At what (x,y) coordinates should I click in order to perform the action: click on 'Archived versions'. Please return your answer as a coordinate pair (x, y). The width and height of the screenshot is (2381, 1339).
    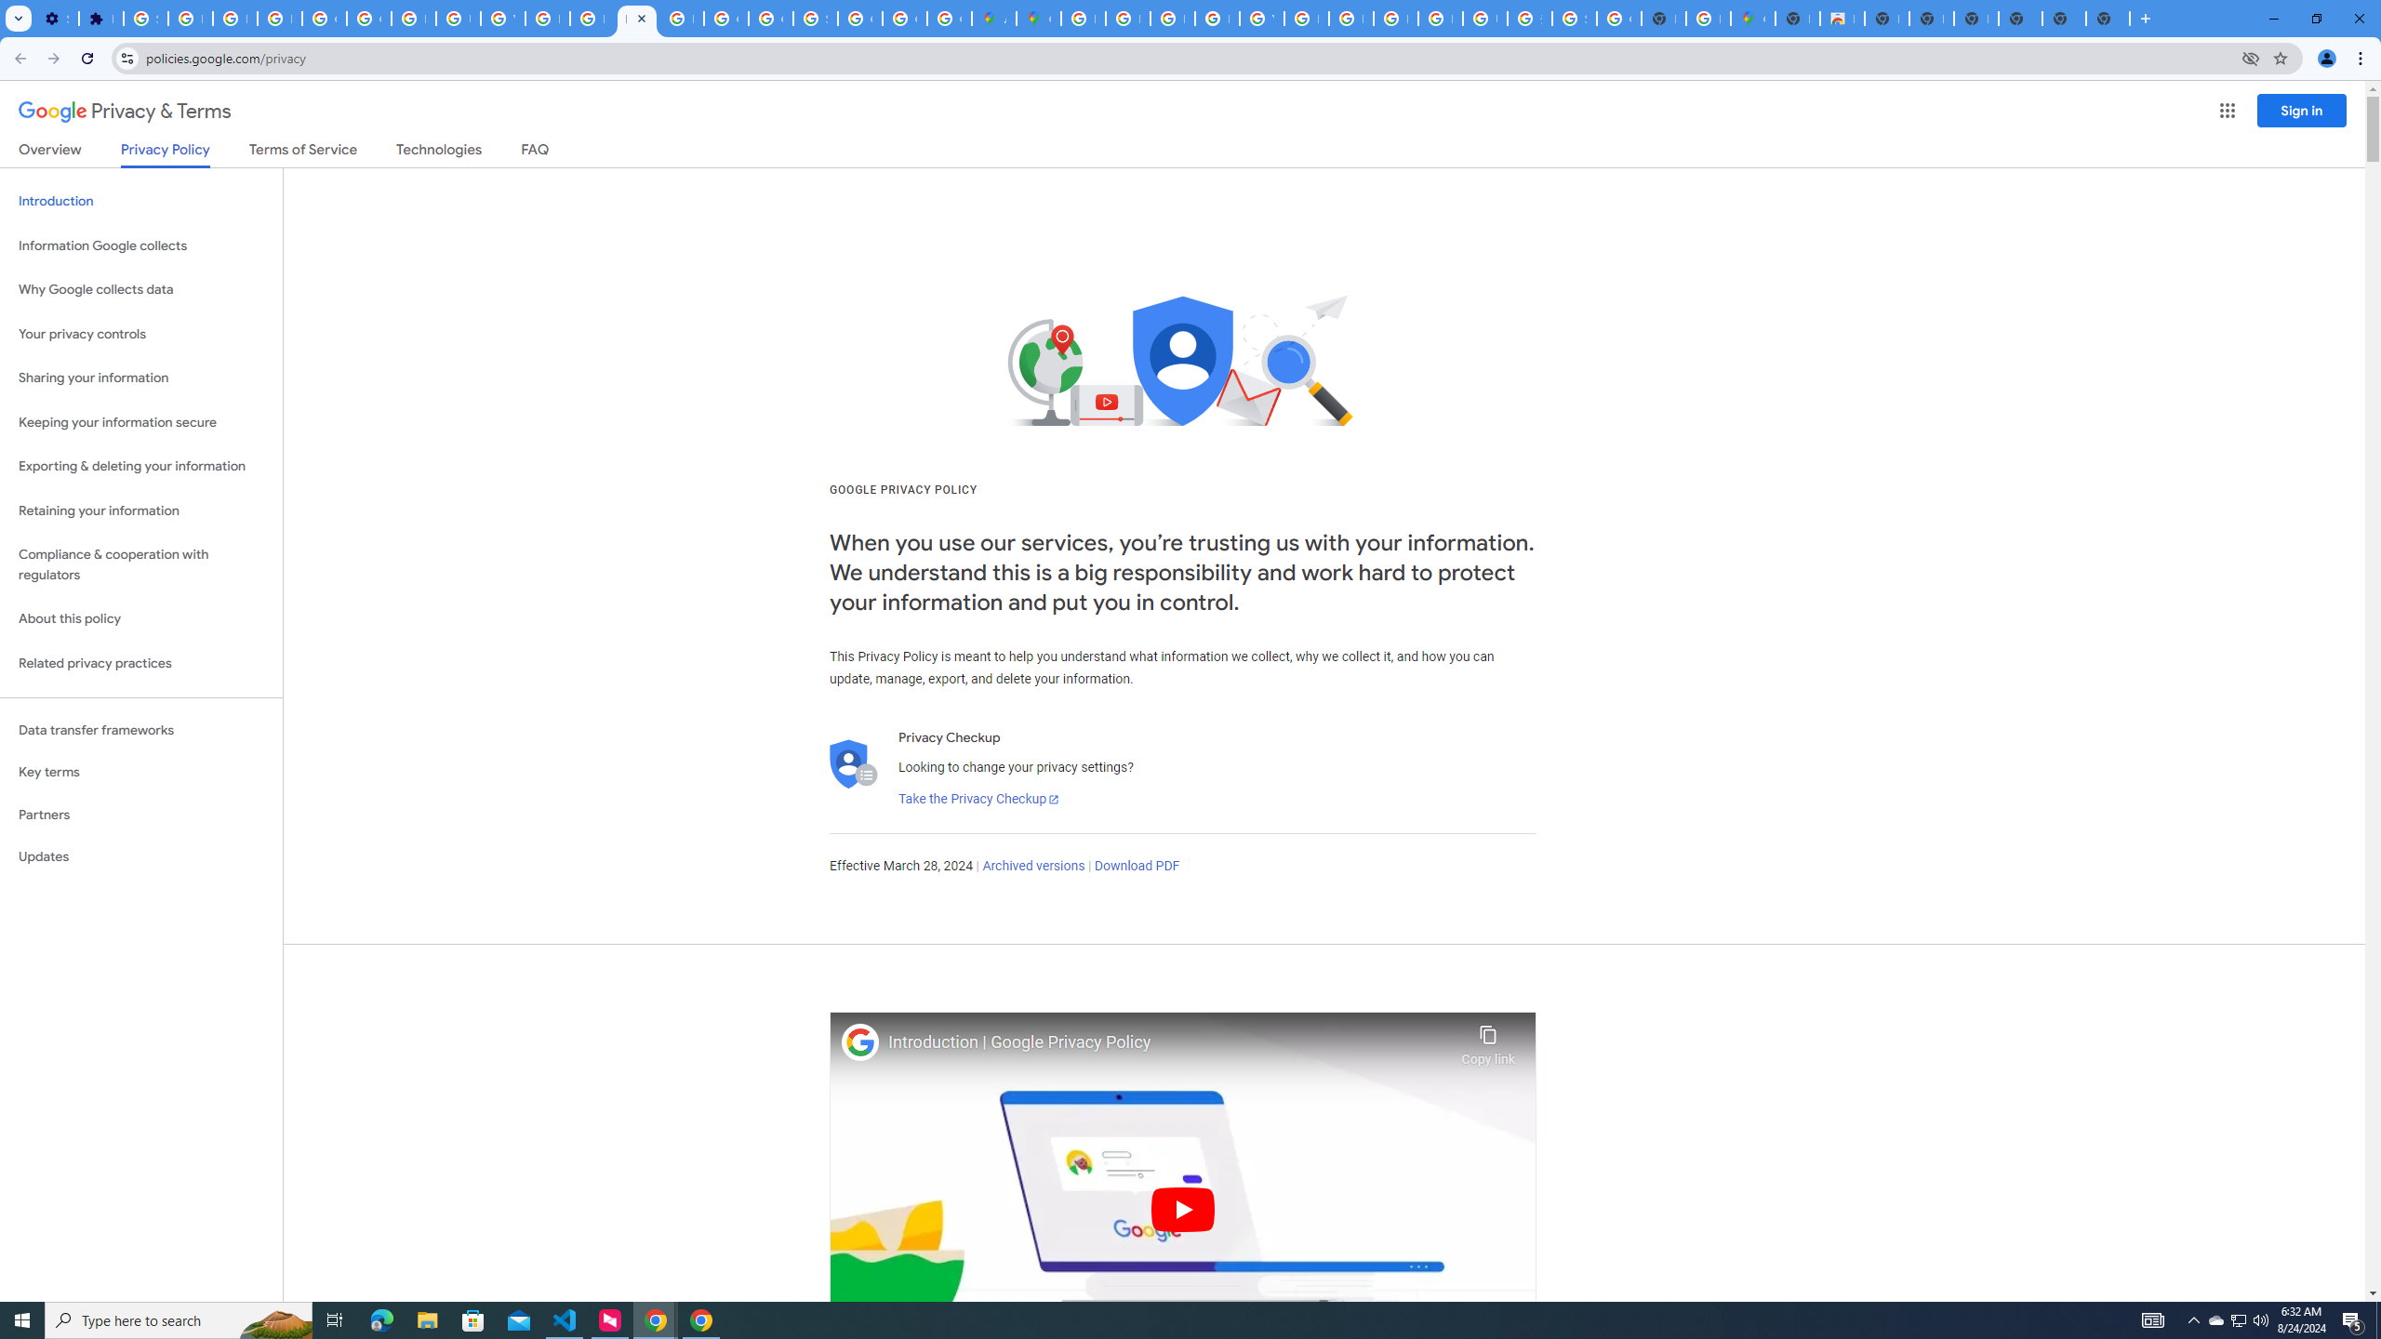
    Looking at the image, I should click on (1032, 865).